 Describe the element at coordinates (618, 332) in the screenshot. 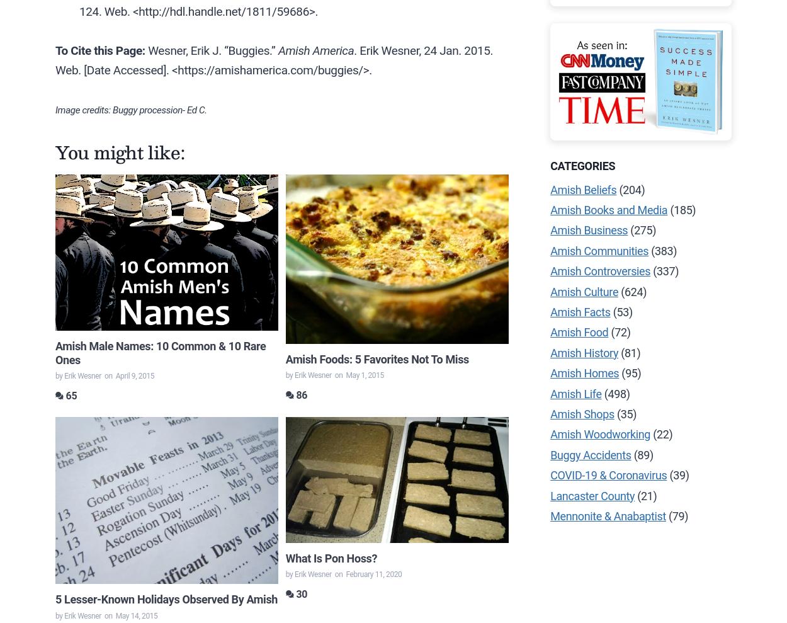

I see `'(72)'` at that location.